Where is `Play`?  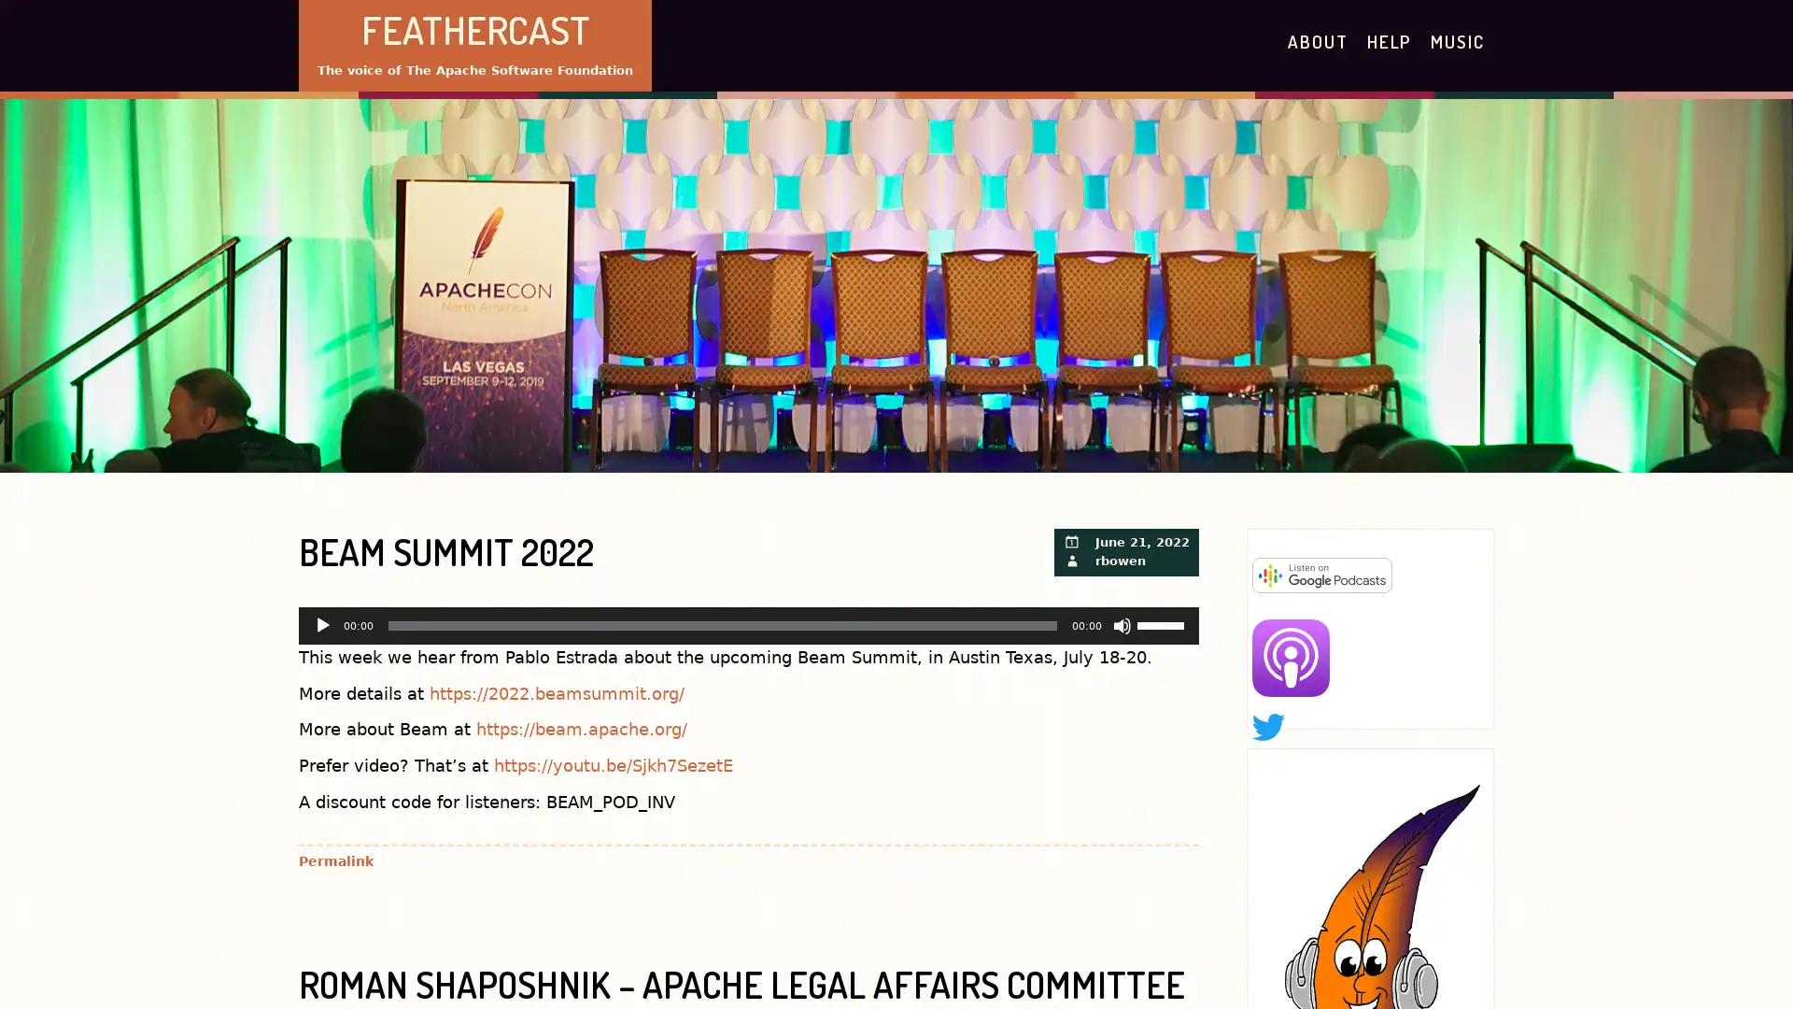 Play is located at coordinates (322, 624).